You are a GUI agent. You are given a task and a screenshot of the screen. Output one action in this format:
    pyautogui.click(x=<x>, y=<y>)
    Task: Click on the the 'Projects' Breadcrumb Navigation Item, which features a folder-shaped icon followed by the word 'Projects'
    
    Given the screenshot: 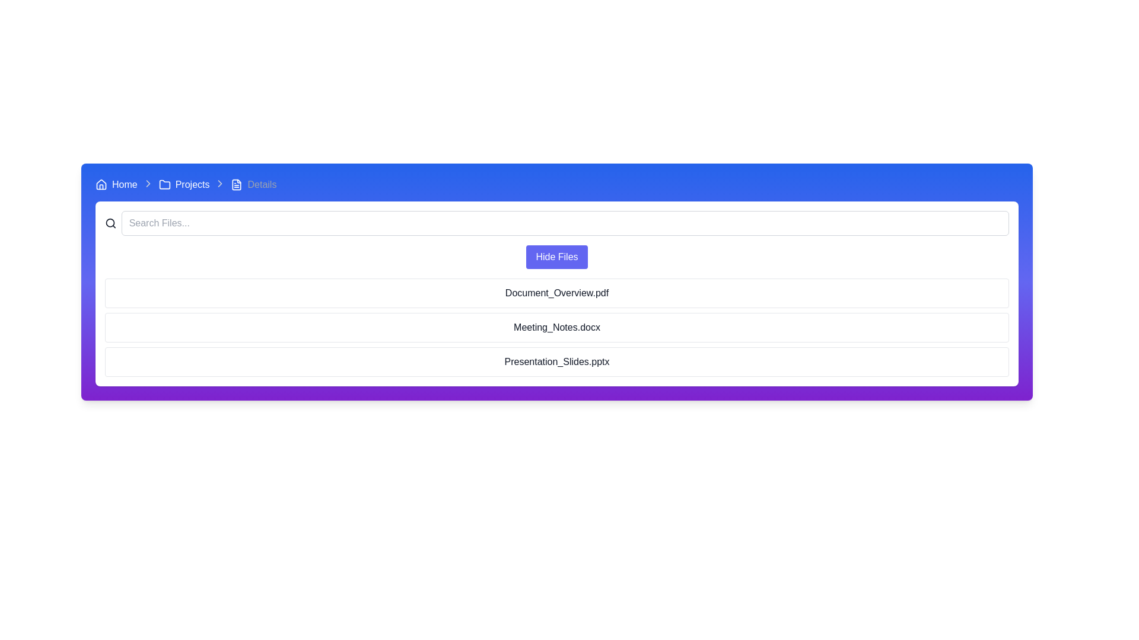 What is the action you would take?
    pyautogui.click(x=183, y=185)
    